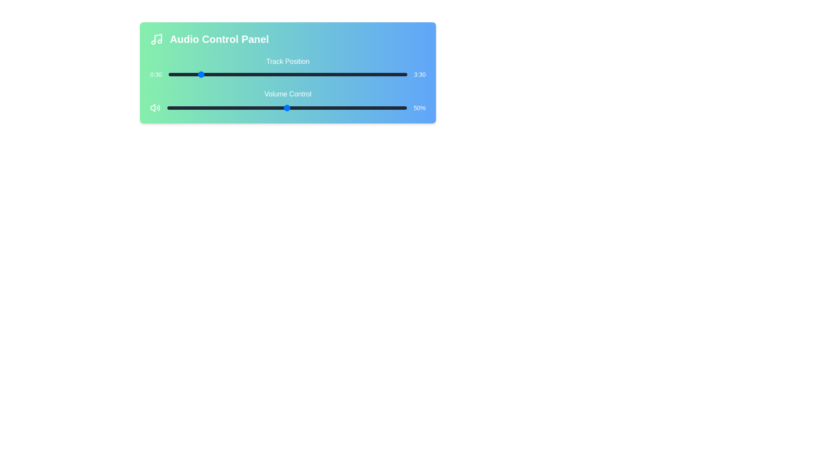 The height and width of the screenshot is (463, 824). Describe the element at coordinates (270, 107) in the screenshot. I see `the volume level to 43%` at that location.